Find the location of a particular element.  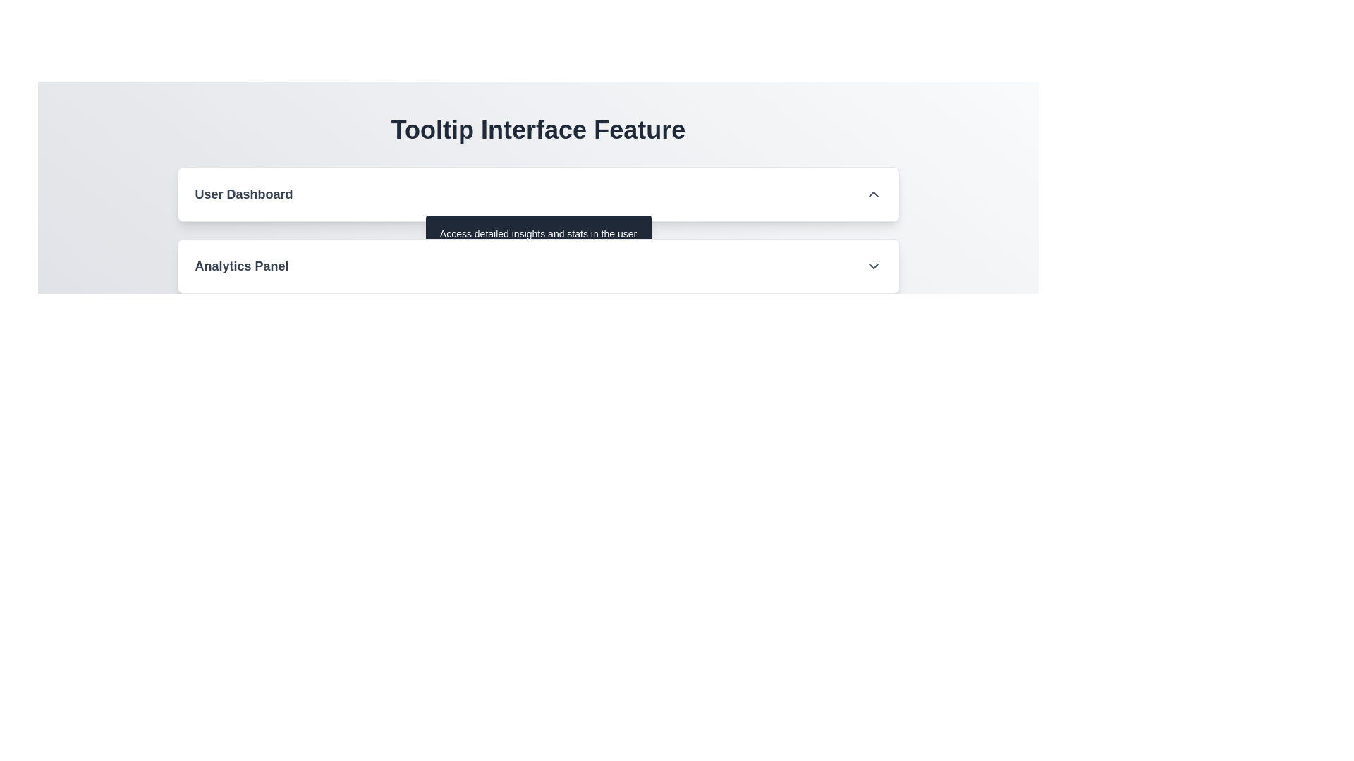

the upward-pointing chevron icon located is located at coordinates (872, 194).